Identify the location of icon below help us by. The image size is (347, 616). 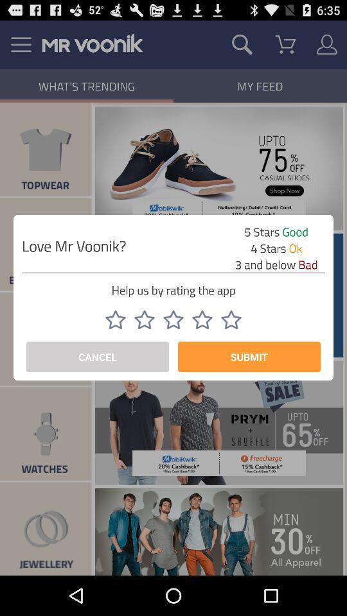
(115, 319).